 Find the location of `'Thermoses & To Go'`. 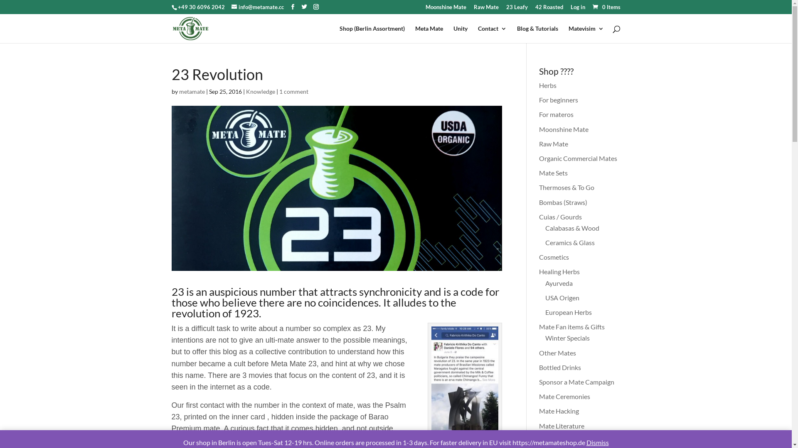

'Thermoses & To Go' is located at coordinates (566, 187).